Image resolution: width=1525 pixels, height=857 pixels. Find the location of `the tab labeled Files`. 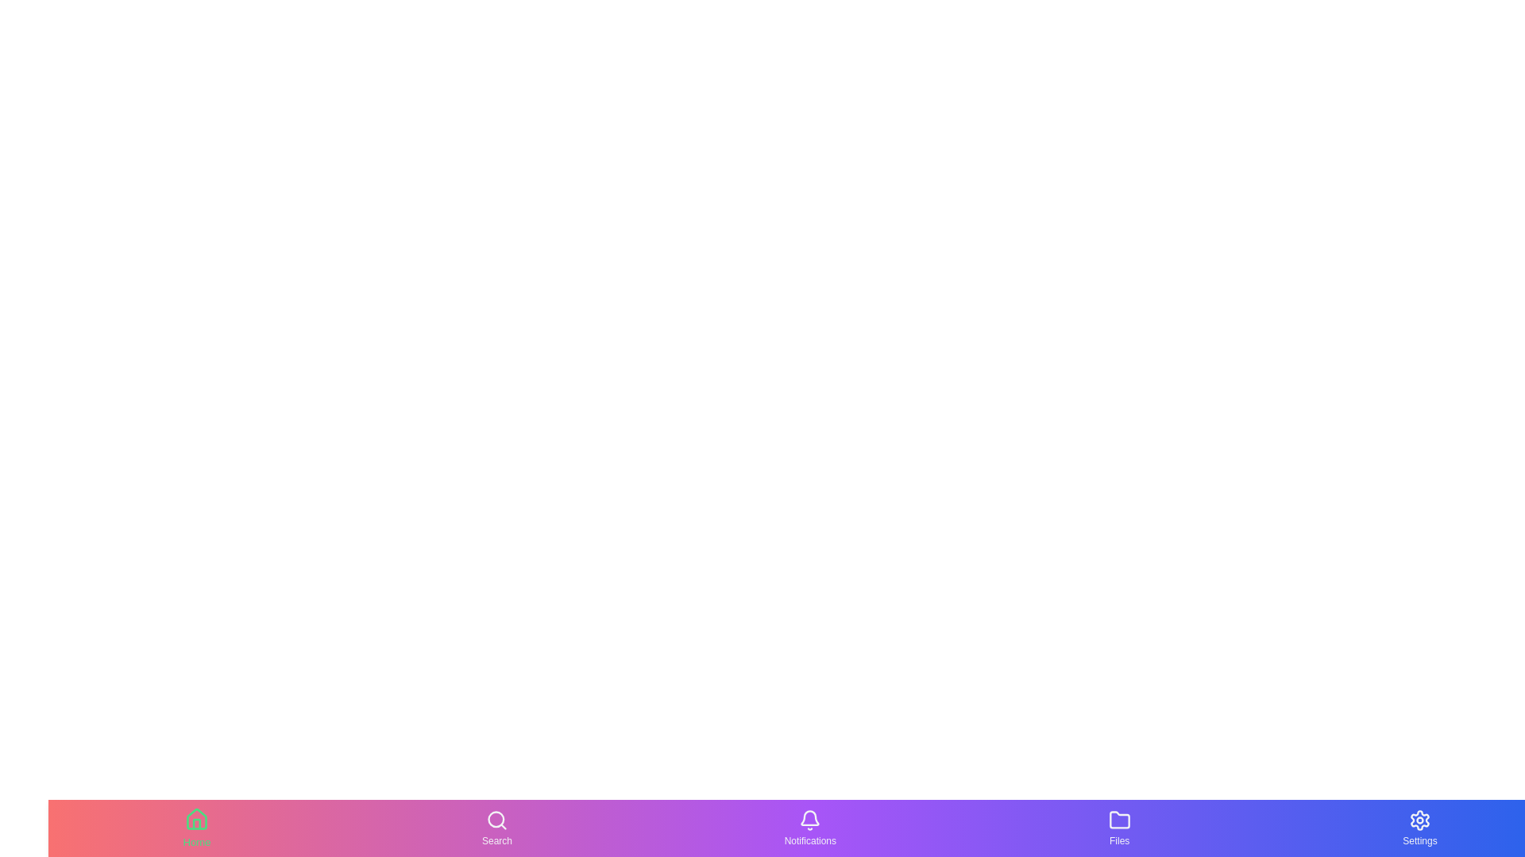

the tab labeled Files is located at coordinates (1118, 828).